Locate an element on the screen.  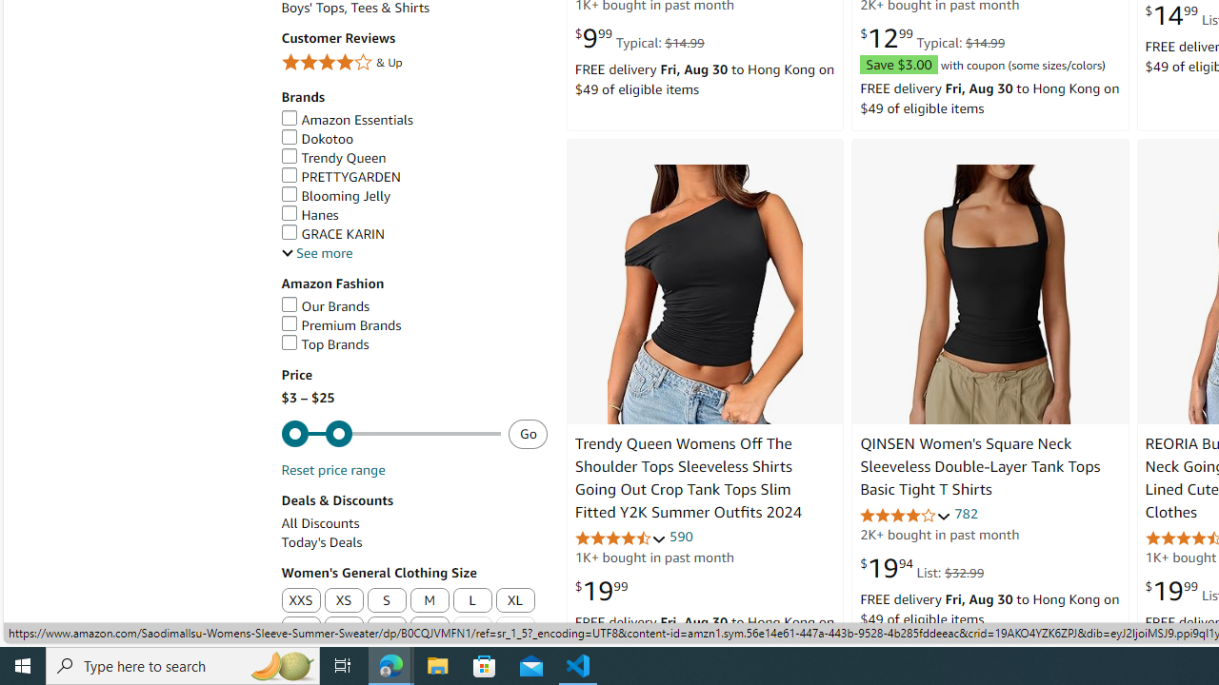
'4 Stars & Up' is located at coordinates (412, 62).